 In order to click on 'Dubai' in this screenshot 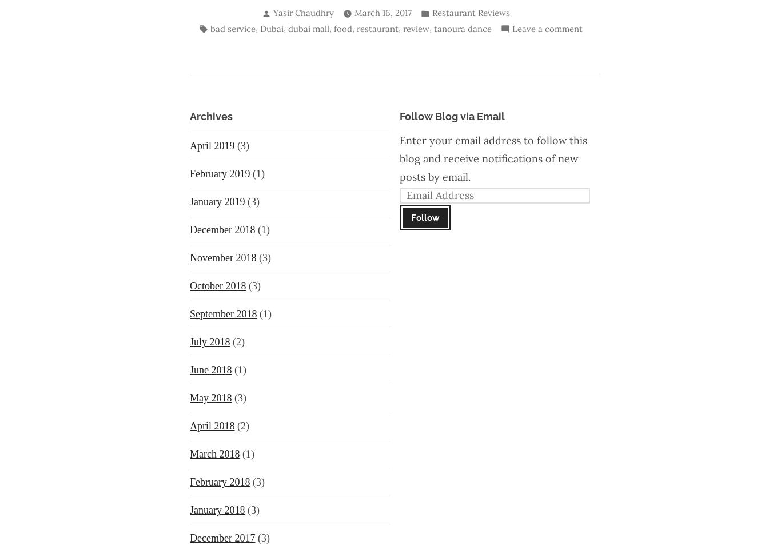, I will do `click(271, 27)`.